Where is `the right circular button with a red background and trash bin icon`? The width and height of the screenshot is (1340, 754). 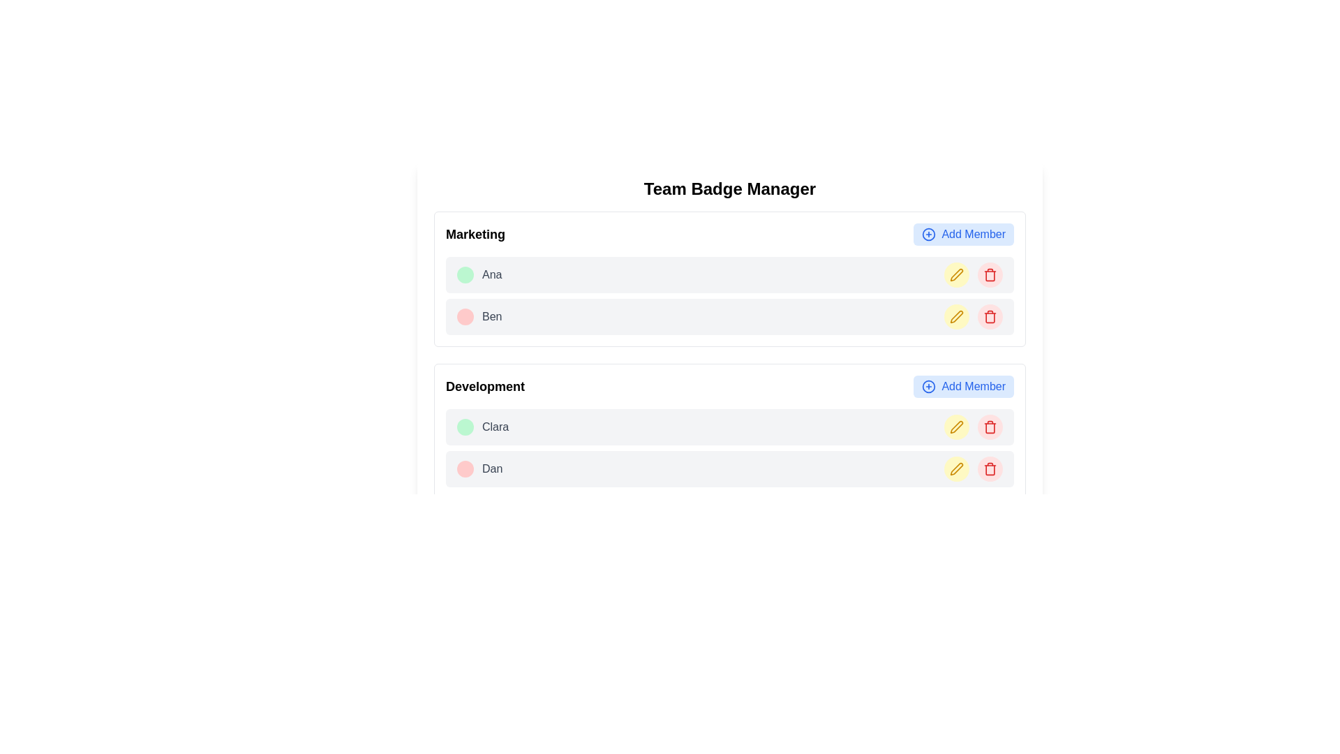 the right circular button with a red background and trash bin icon is located at coordinates (973, 468).